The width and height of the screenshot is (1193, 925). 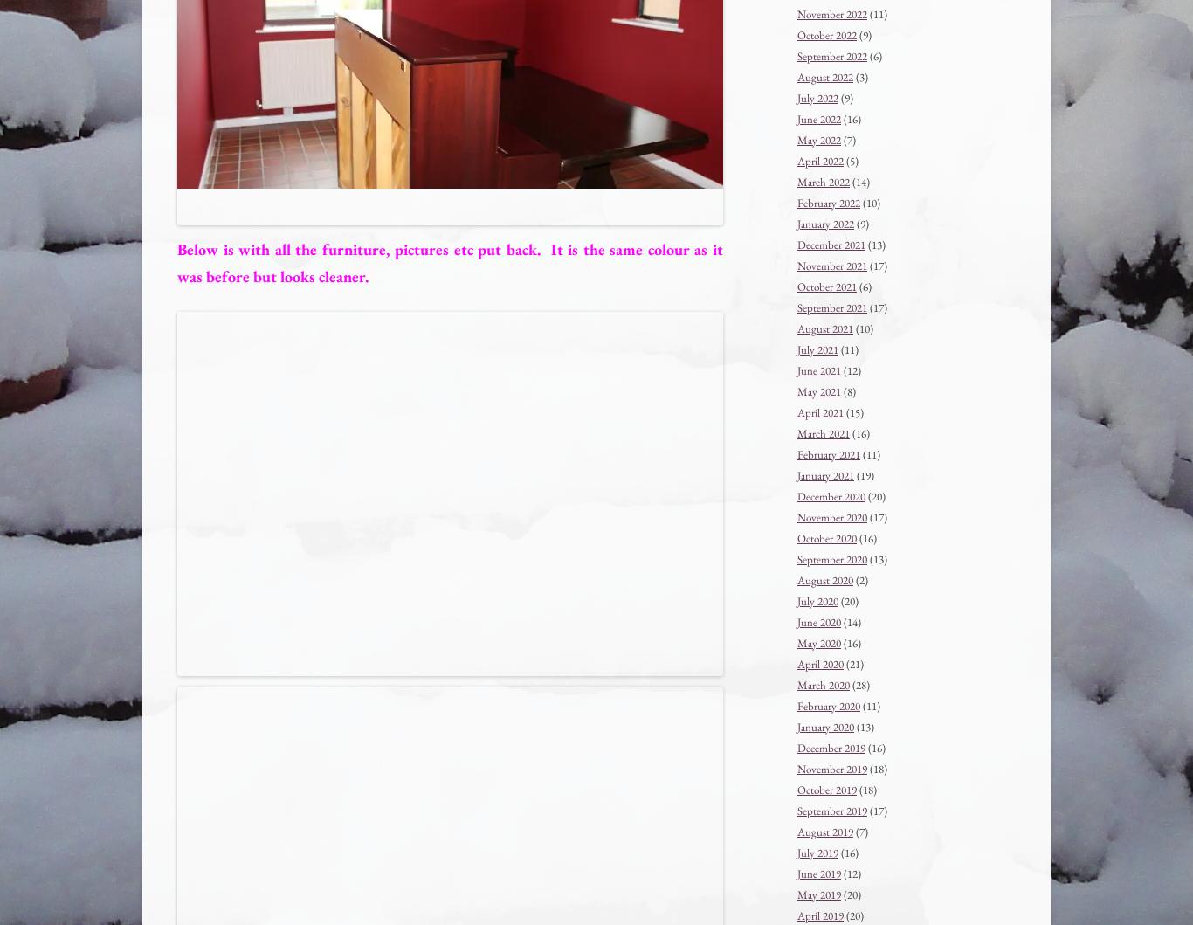 What do you see at coordinates (831, 747) in the screenshot?
I see `'December 2019'` at bounding box center [831, 747].